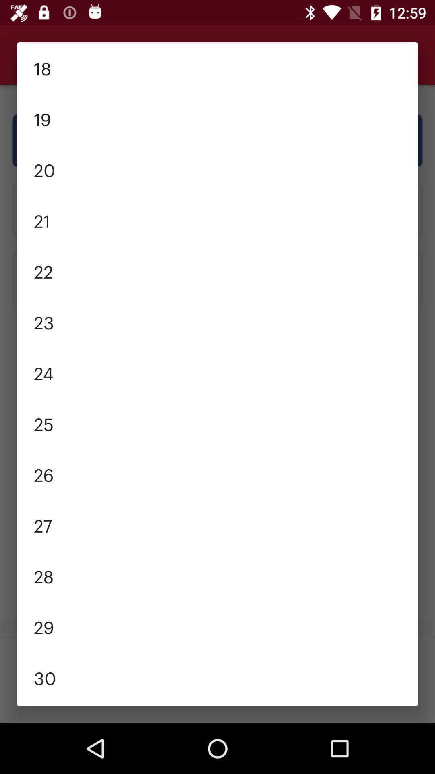  I want to click on the 19 item, so click(217, 118).